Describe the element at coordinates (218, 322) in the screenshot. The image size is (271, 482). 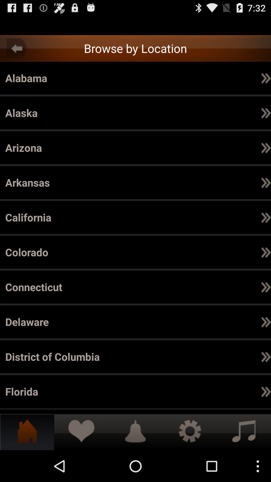
I see `the icon next to the   contra costa item` at that location.